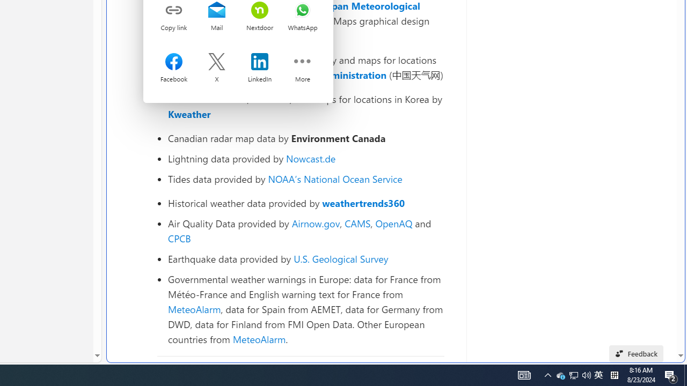  What do you see at coordinates (315, 222) in the screenshot?
I see `'Airnow.gov'` at bounding box center [315, 222].